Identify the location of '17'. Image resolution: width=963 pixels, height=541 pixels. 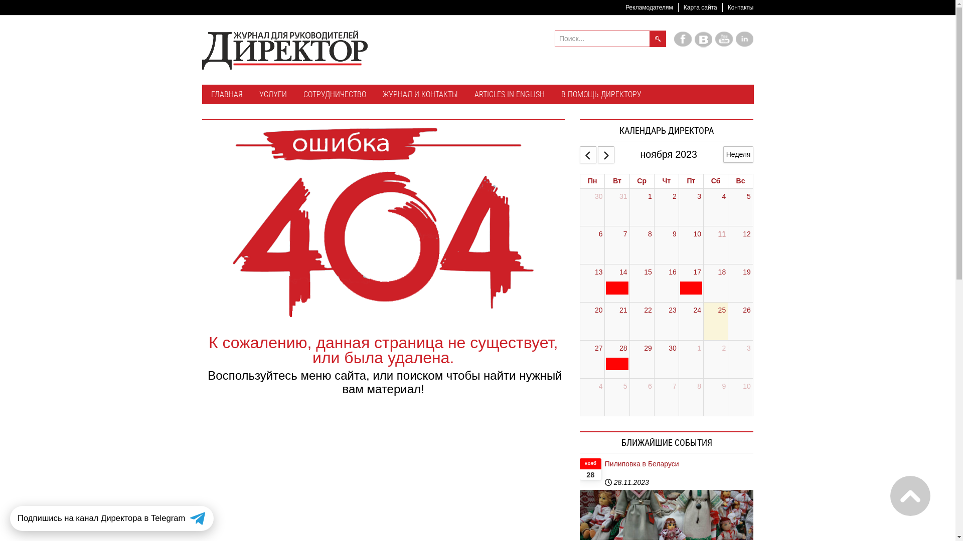
(697, 272).